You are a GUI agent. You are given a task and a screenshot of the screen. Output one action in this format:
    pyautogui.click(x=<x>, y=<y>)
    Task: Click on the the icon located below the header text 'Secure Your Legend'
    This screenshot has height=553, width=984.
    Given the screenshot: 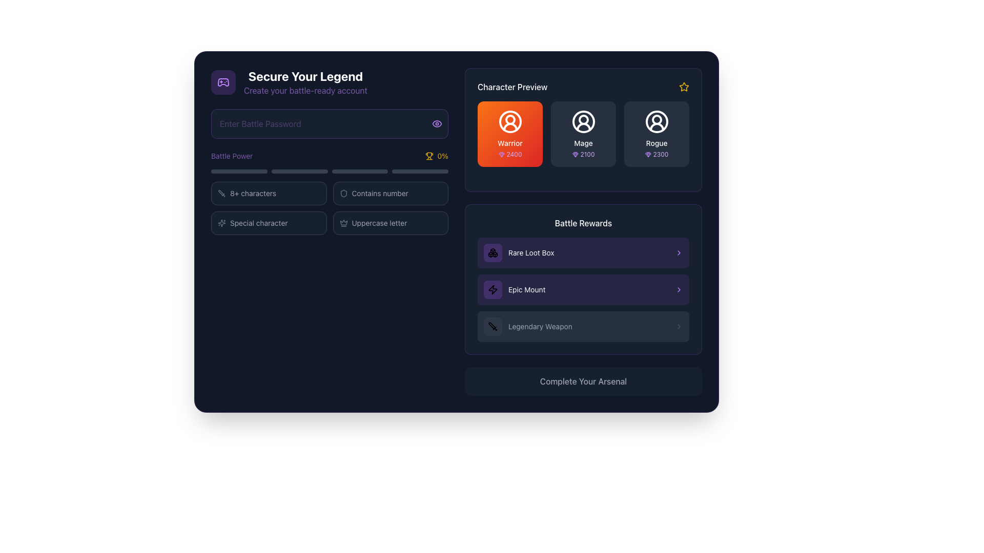 What is the action you would take?
    pyautogui.click(x=223, y=82)
    